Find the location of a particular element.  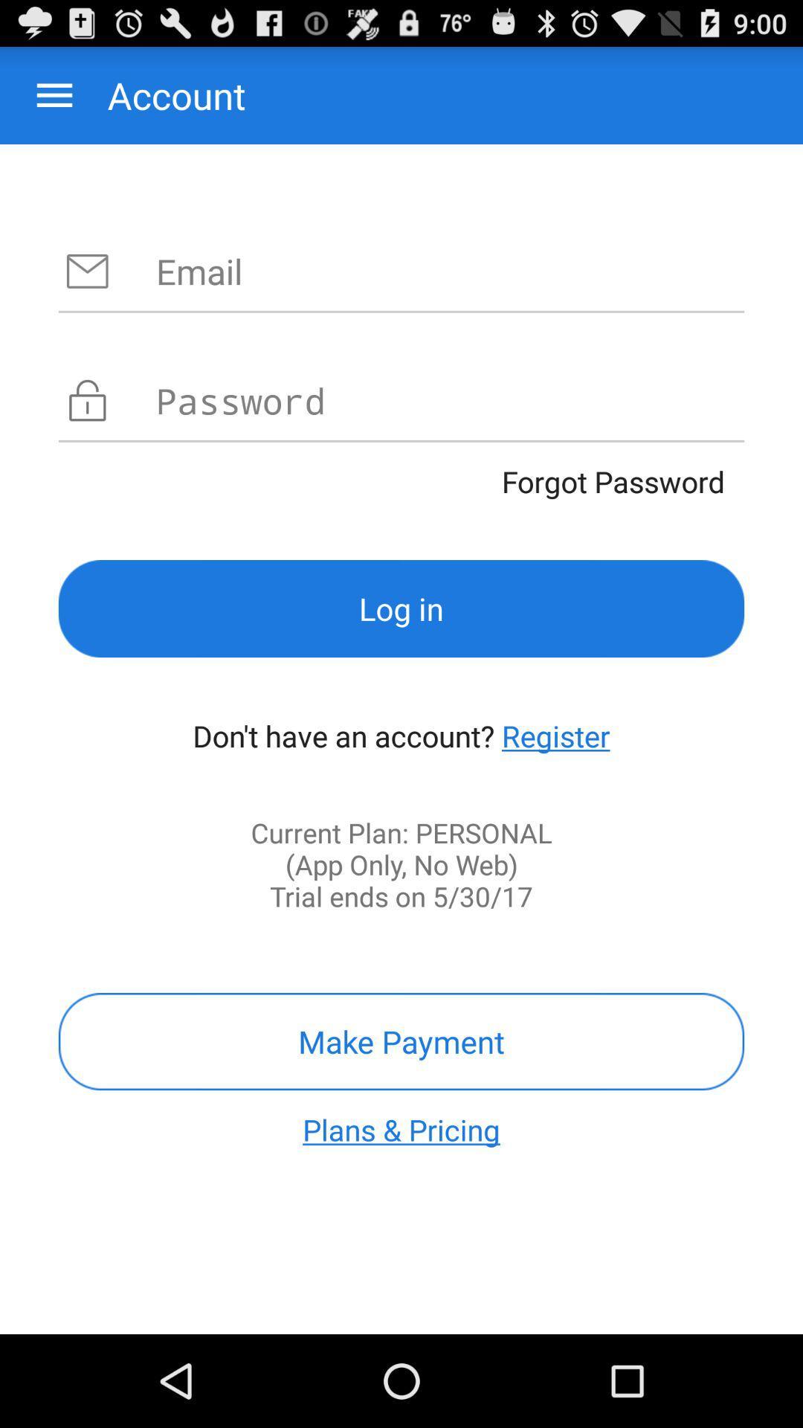

your email is located at coordinates (449, 271).